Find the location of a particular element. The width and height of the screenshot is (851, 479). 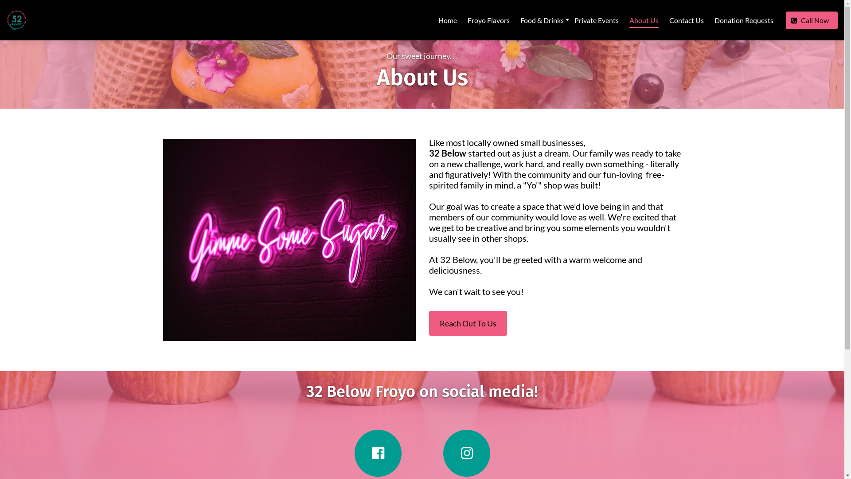

'Call Now' is located at coordinates (785, 20).